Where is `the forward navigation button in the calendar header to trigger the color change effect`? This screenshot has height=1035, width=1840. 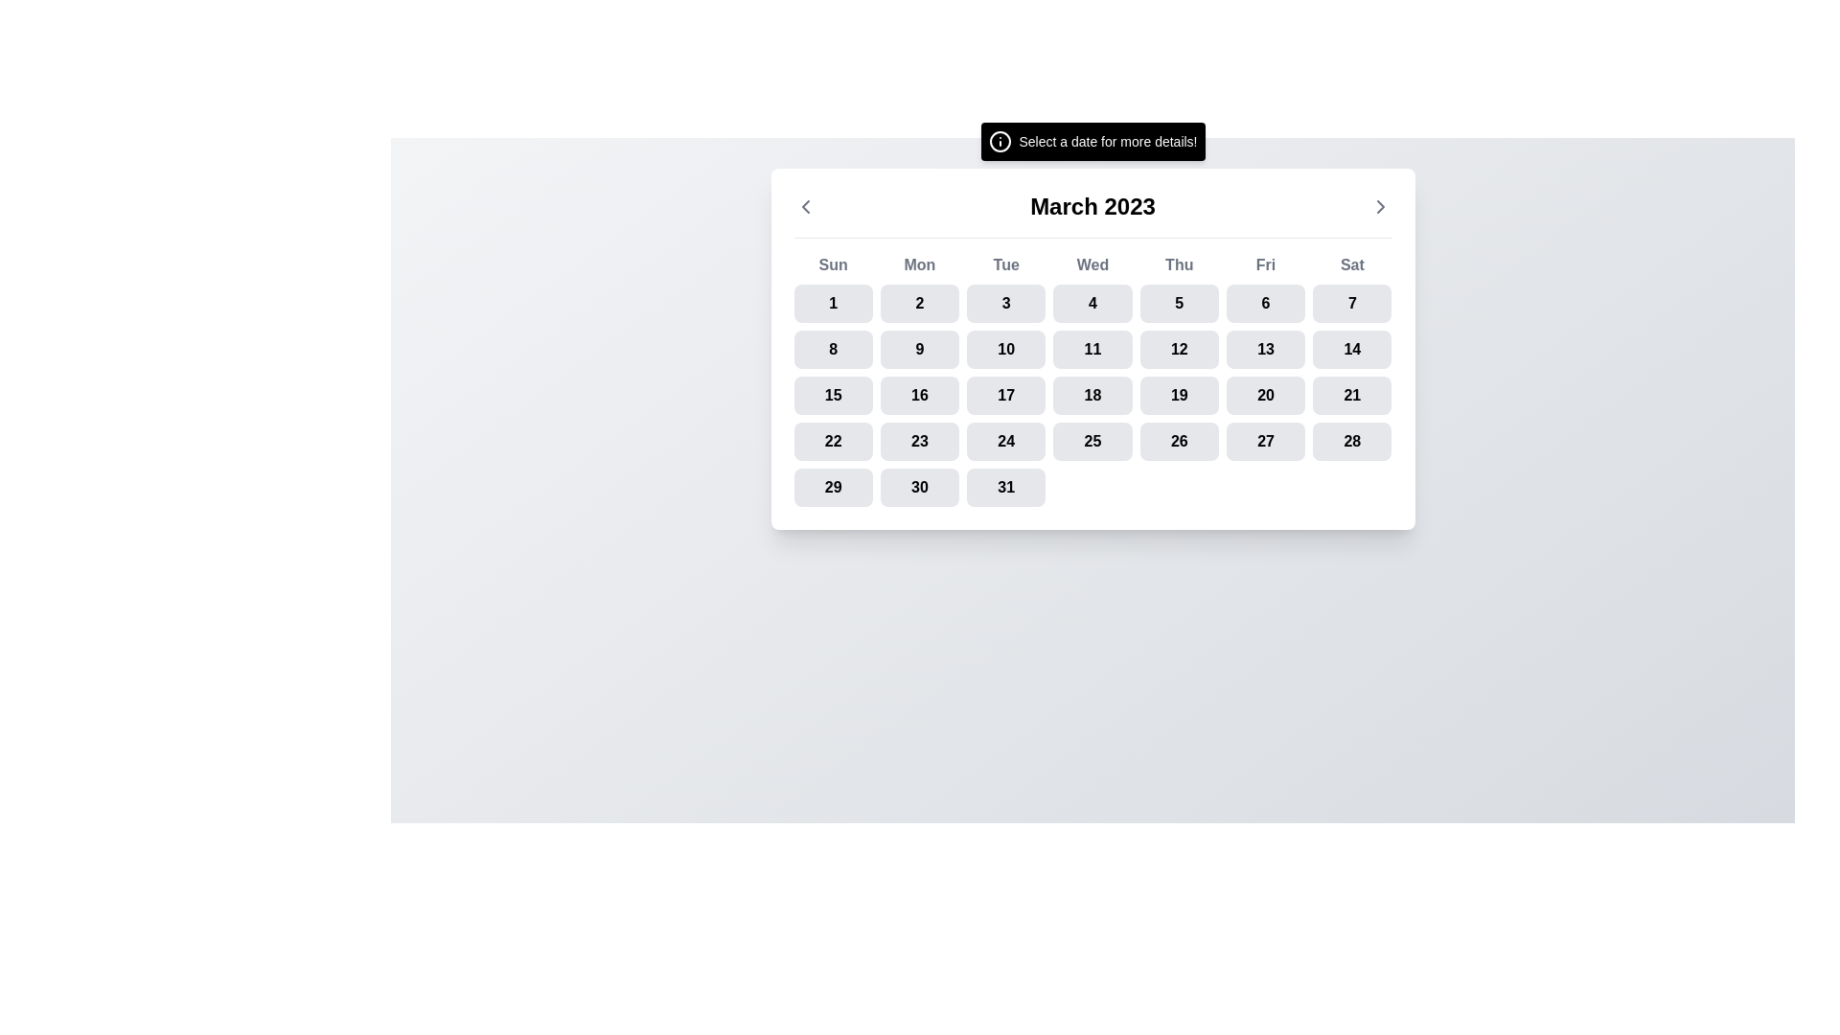
the forward navigation button in the calendar header to trigger the color change effect is located at coordinates (1380, 207).